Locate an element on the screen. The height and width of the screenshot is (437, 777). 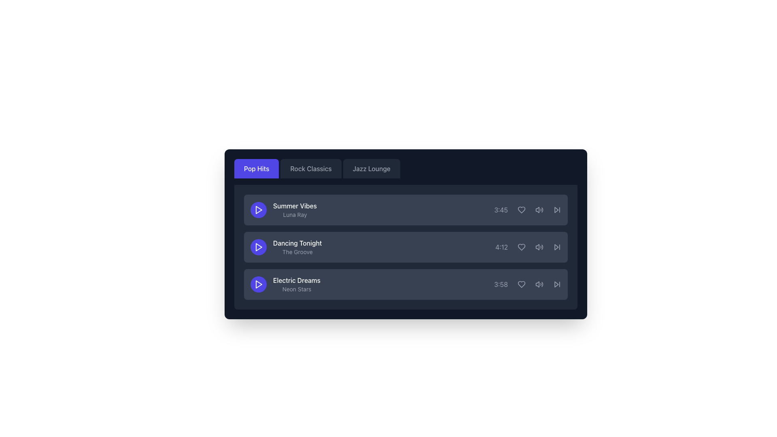
the play button located to the left of the text 'Summer Vibes - Luna Ray' is located at coordinates (258, 210).